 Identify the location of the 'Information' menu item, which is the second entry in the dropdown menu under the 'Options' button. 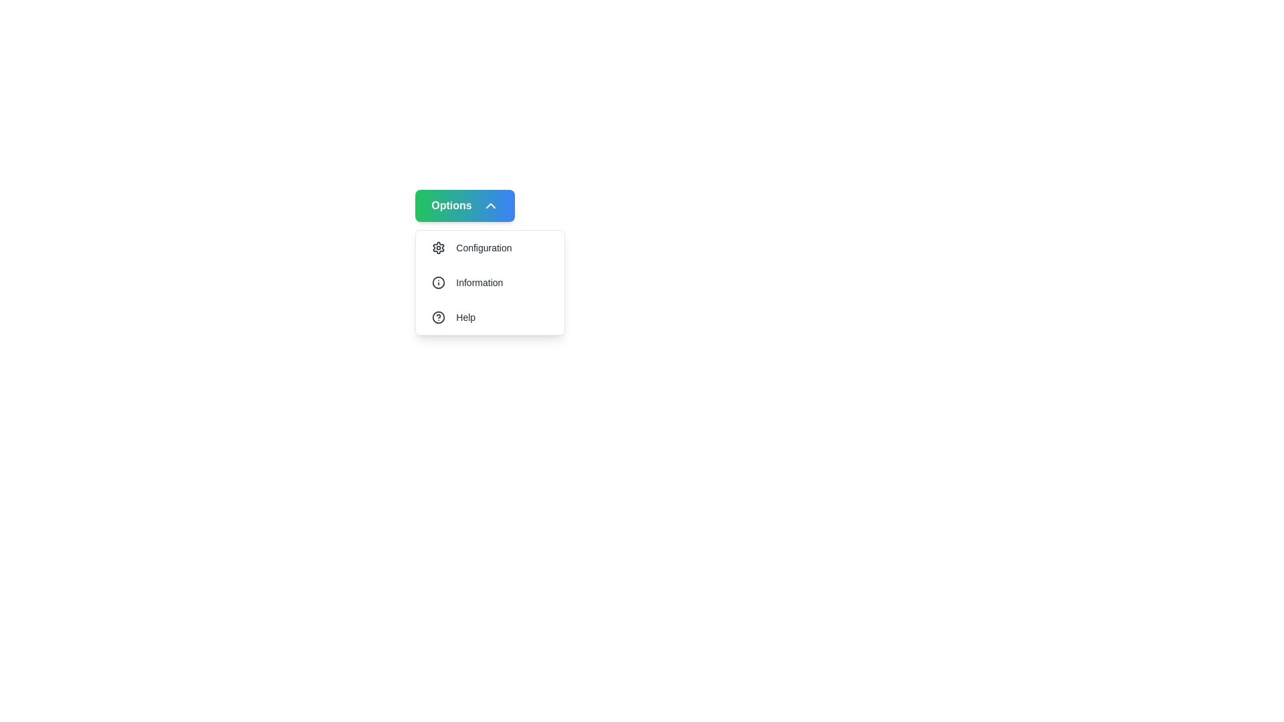
(490, 282).